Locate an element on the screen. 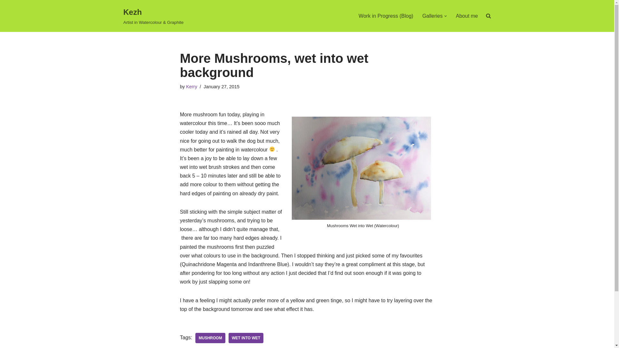 The image size is (619, 348). 'MUSHROOM' is located at coordinates (210, 338).